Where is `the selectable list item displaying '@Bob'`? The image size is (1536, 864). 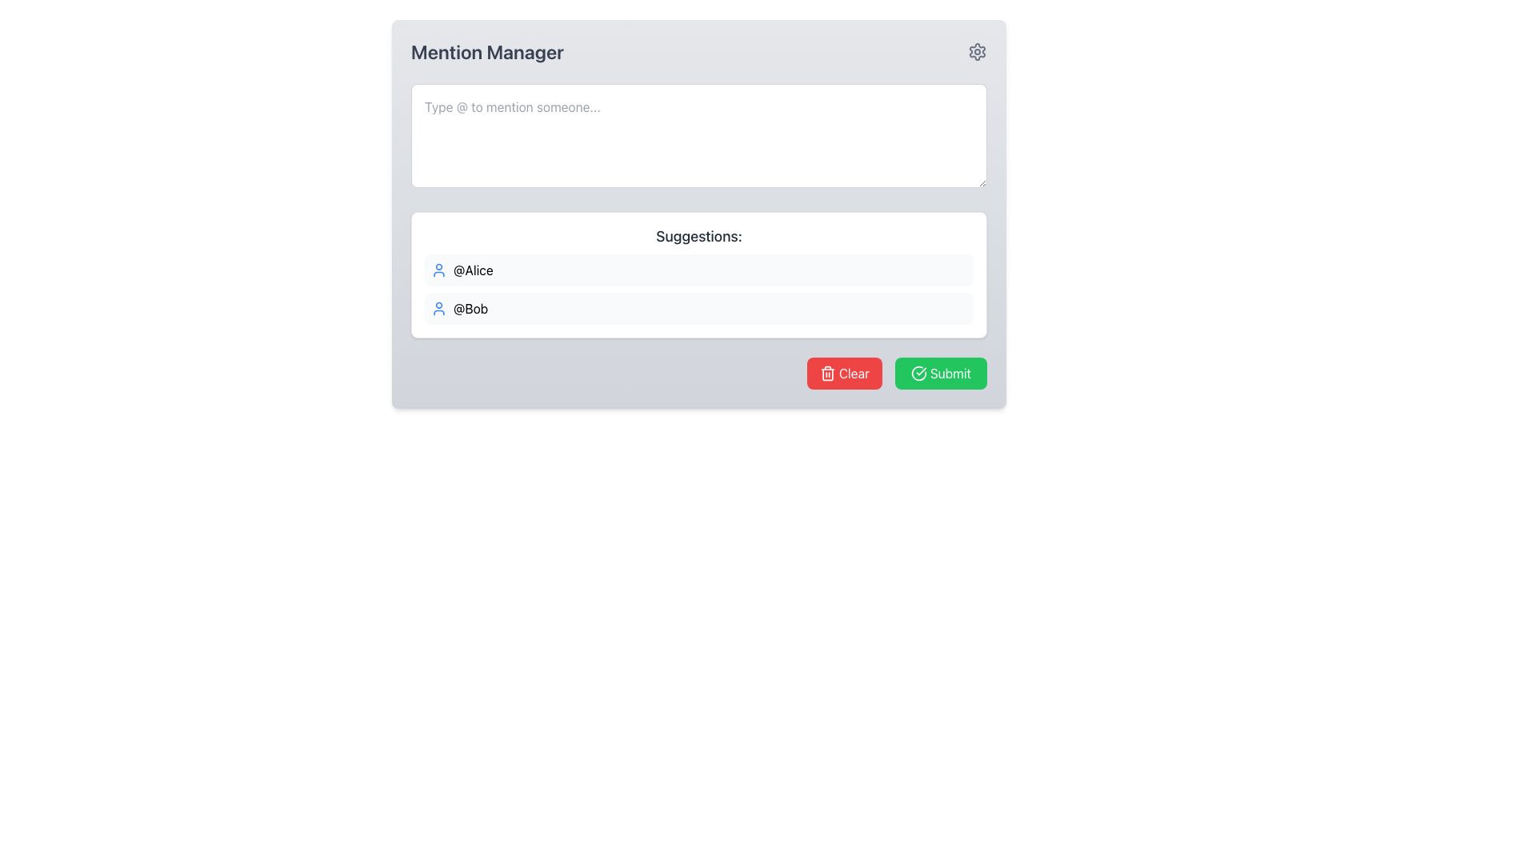 the selectable list item displaying '@Bob' is located at coordinates (698, 308).